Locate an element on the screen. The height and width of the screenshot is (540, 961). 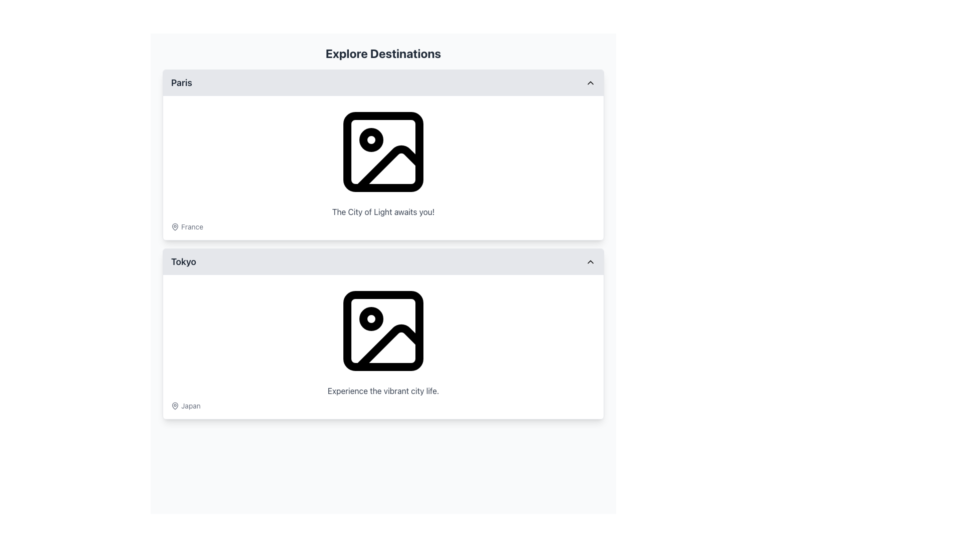
the central graphic icon representing the destination theme in the 'Paris' section, located below the title 'Explore Destinations' is located at coordinates (388, 167).